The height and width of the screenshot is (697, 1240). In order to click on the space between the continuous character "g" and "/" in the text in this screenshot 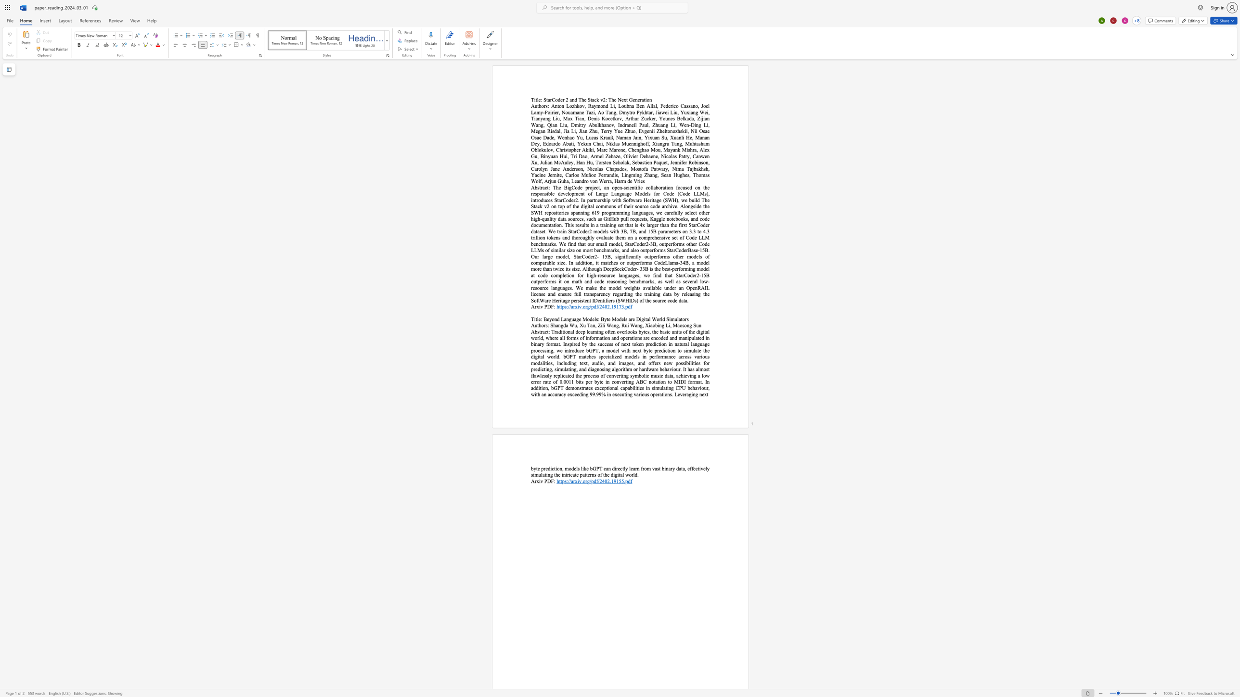, I will do `click(589, 306)`.